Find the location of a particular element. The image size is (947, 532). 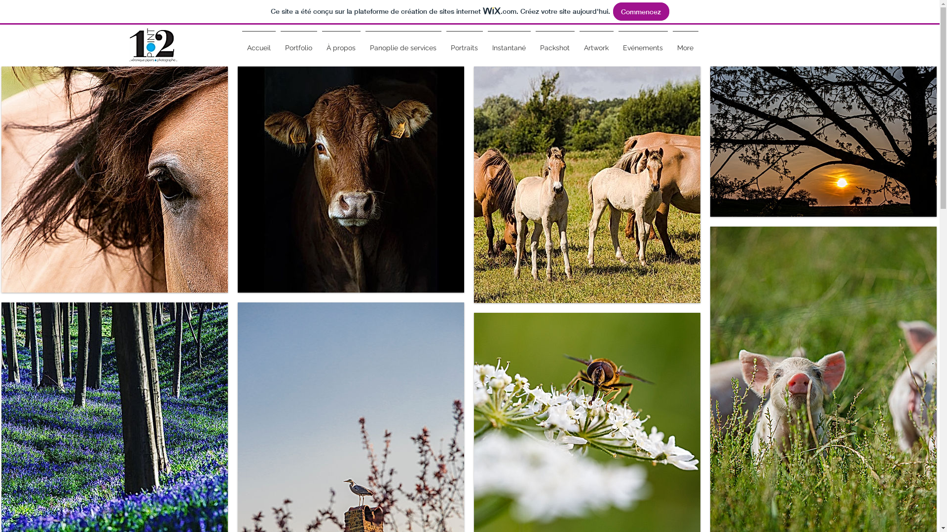

'Panoplie de services' is located at coordinates (403, 43).